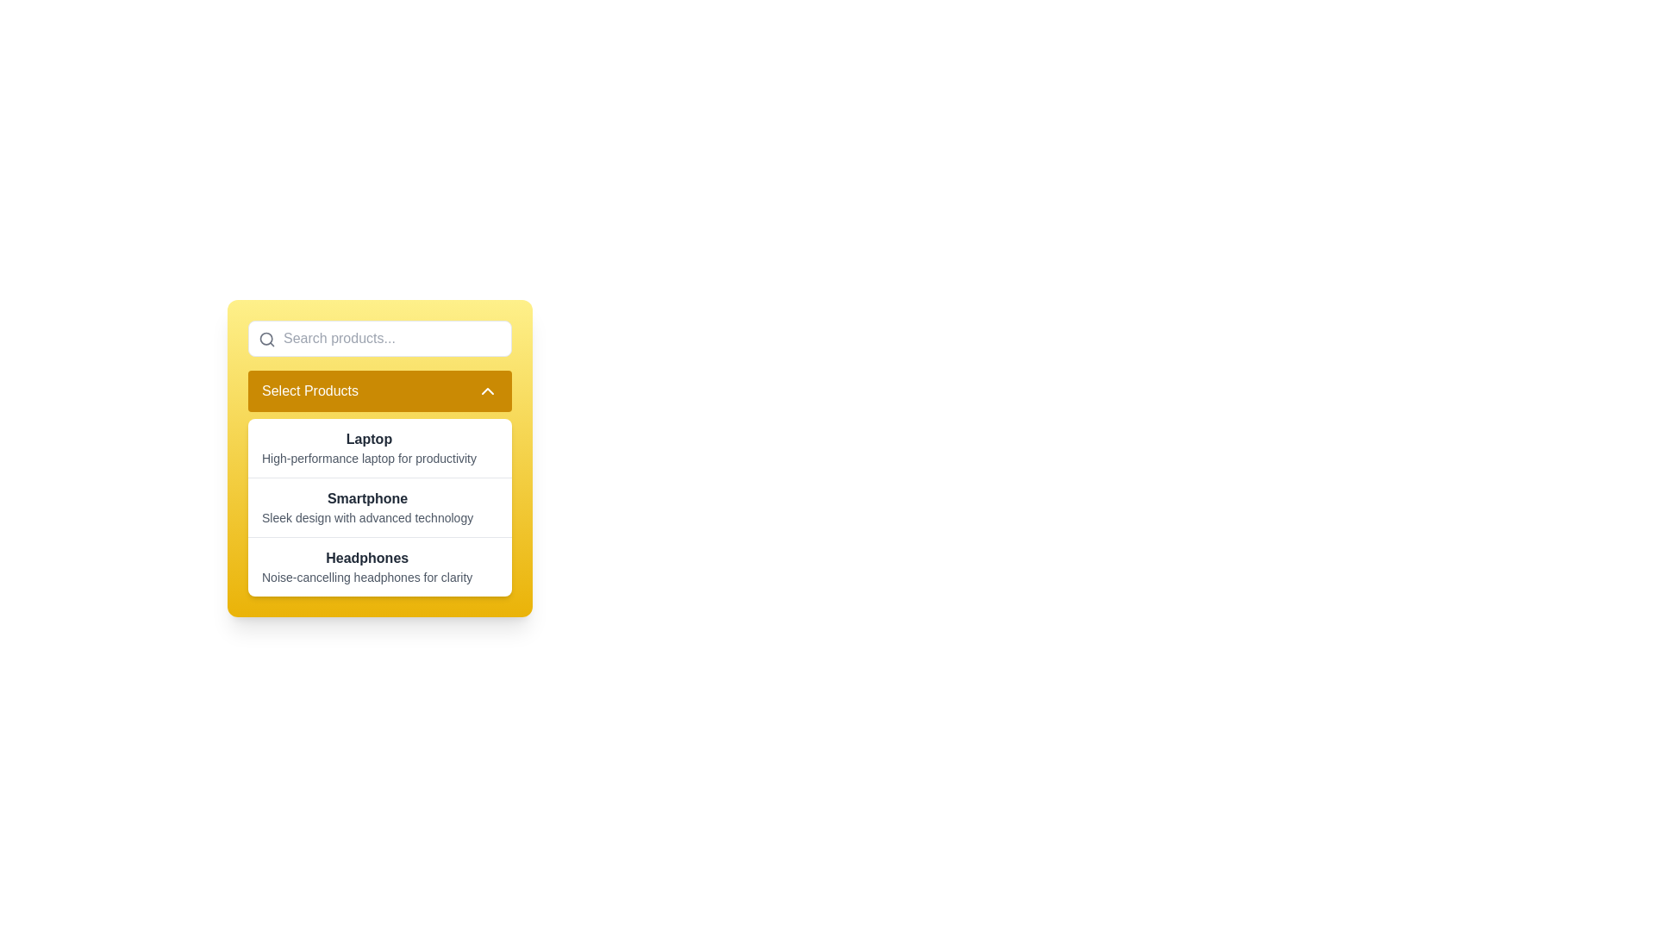 The width and height of the screenshot is (1655, 931). Describe the element at coordinates (366, 559) in the screenshot. I see `the 'Headphones' text label, which is bold and dark gray, styled as a section title in a yellow-bordered card widget` at that location.